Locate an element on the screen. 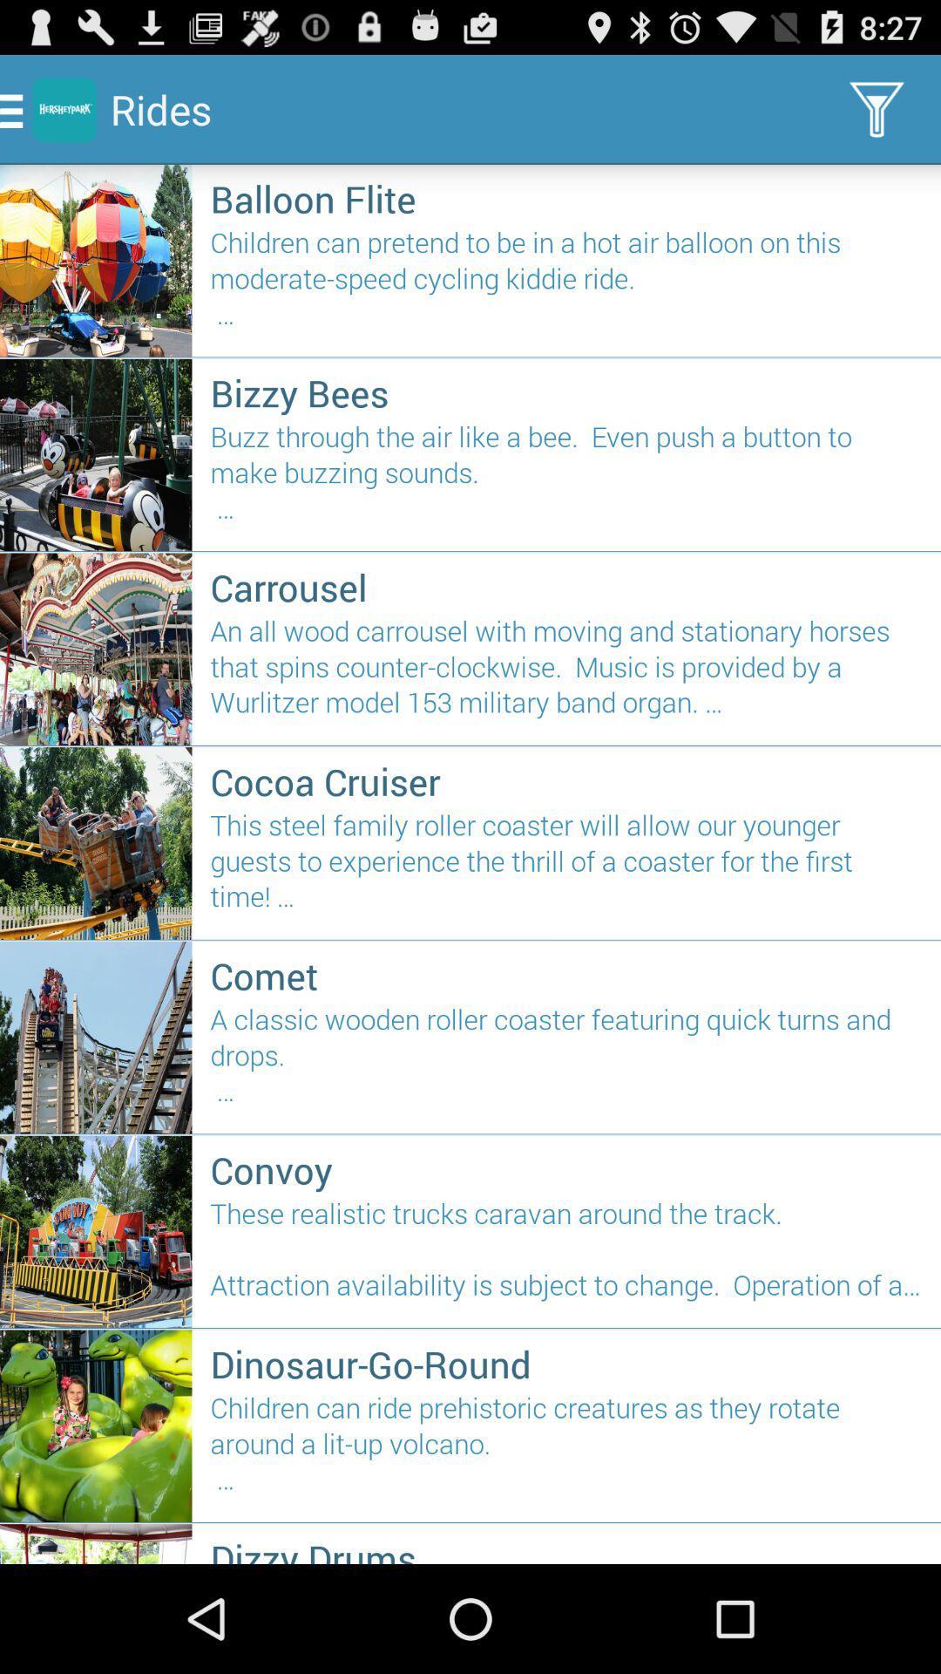 The width and height of the screenshot is (941, 1674). filter icon is located at coordinates (877, 108).